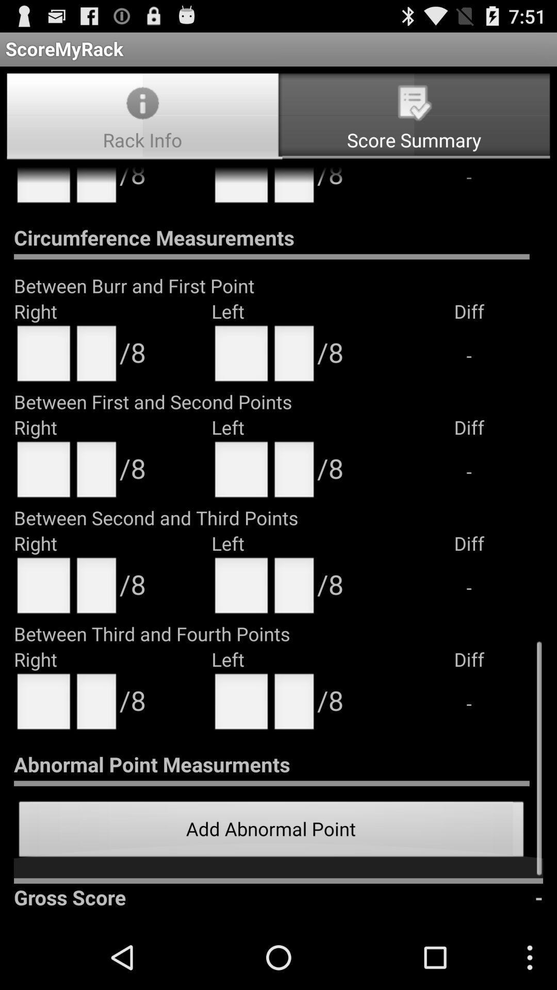 This screenshot has height=990, width=557. Describe the element at coordinates (241, 188) in the screenshot. I see `the text field next to 8 at top of the page` at that location.